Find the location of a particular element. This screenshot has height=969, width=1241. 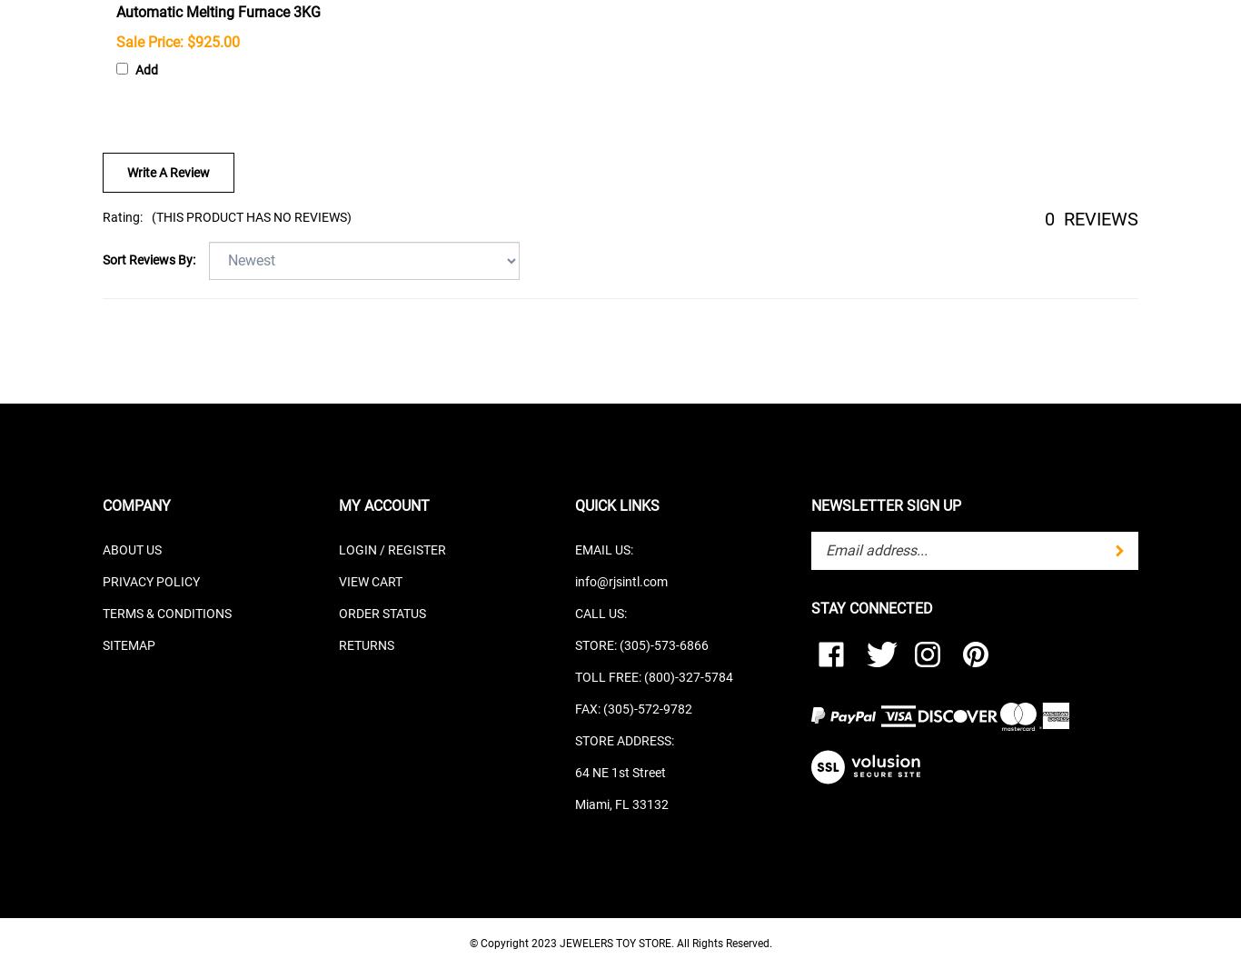

'(This product has no reviews)' is located at coordinates (252, 215).